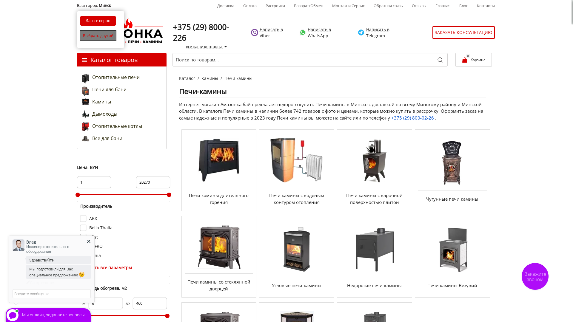  I want to click on '+375 (29) 8000-226', so click(201, 32).